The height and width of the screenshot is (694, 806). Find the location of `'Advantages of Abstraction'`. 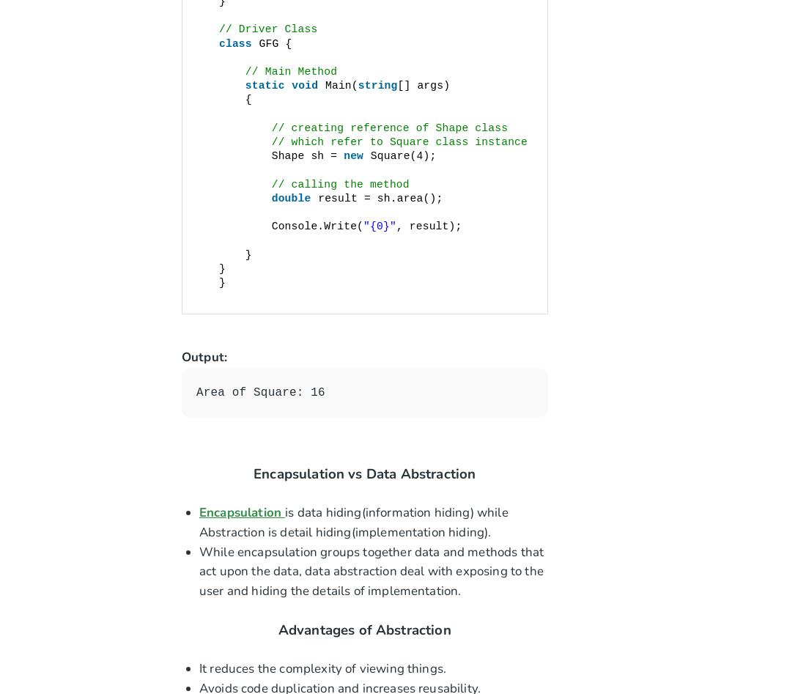

'Advantages of Abstraction' is located at coordinates (363, 629).